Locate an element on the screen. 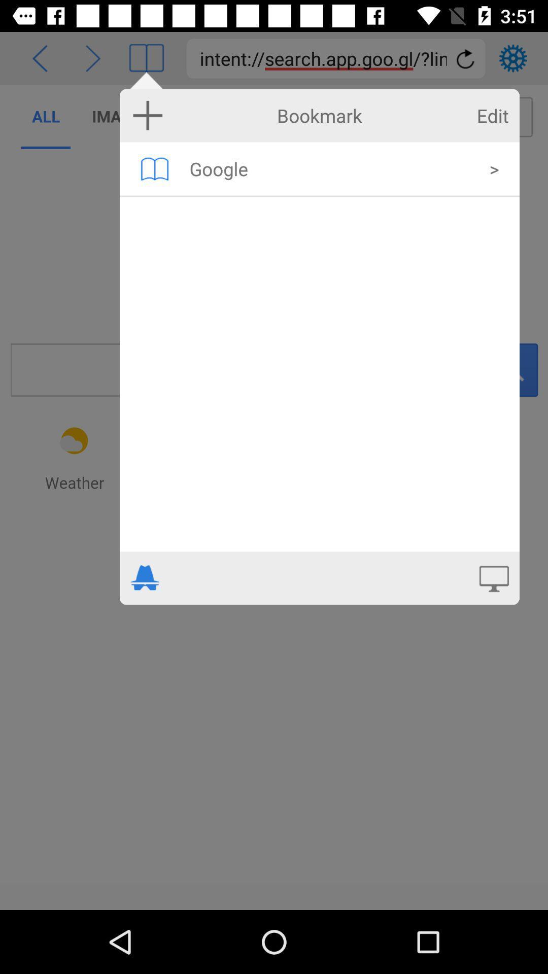 The image size is (548, 974). item next to the > icon is located at coordinates (332, 168).